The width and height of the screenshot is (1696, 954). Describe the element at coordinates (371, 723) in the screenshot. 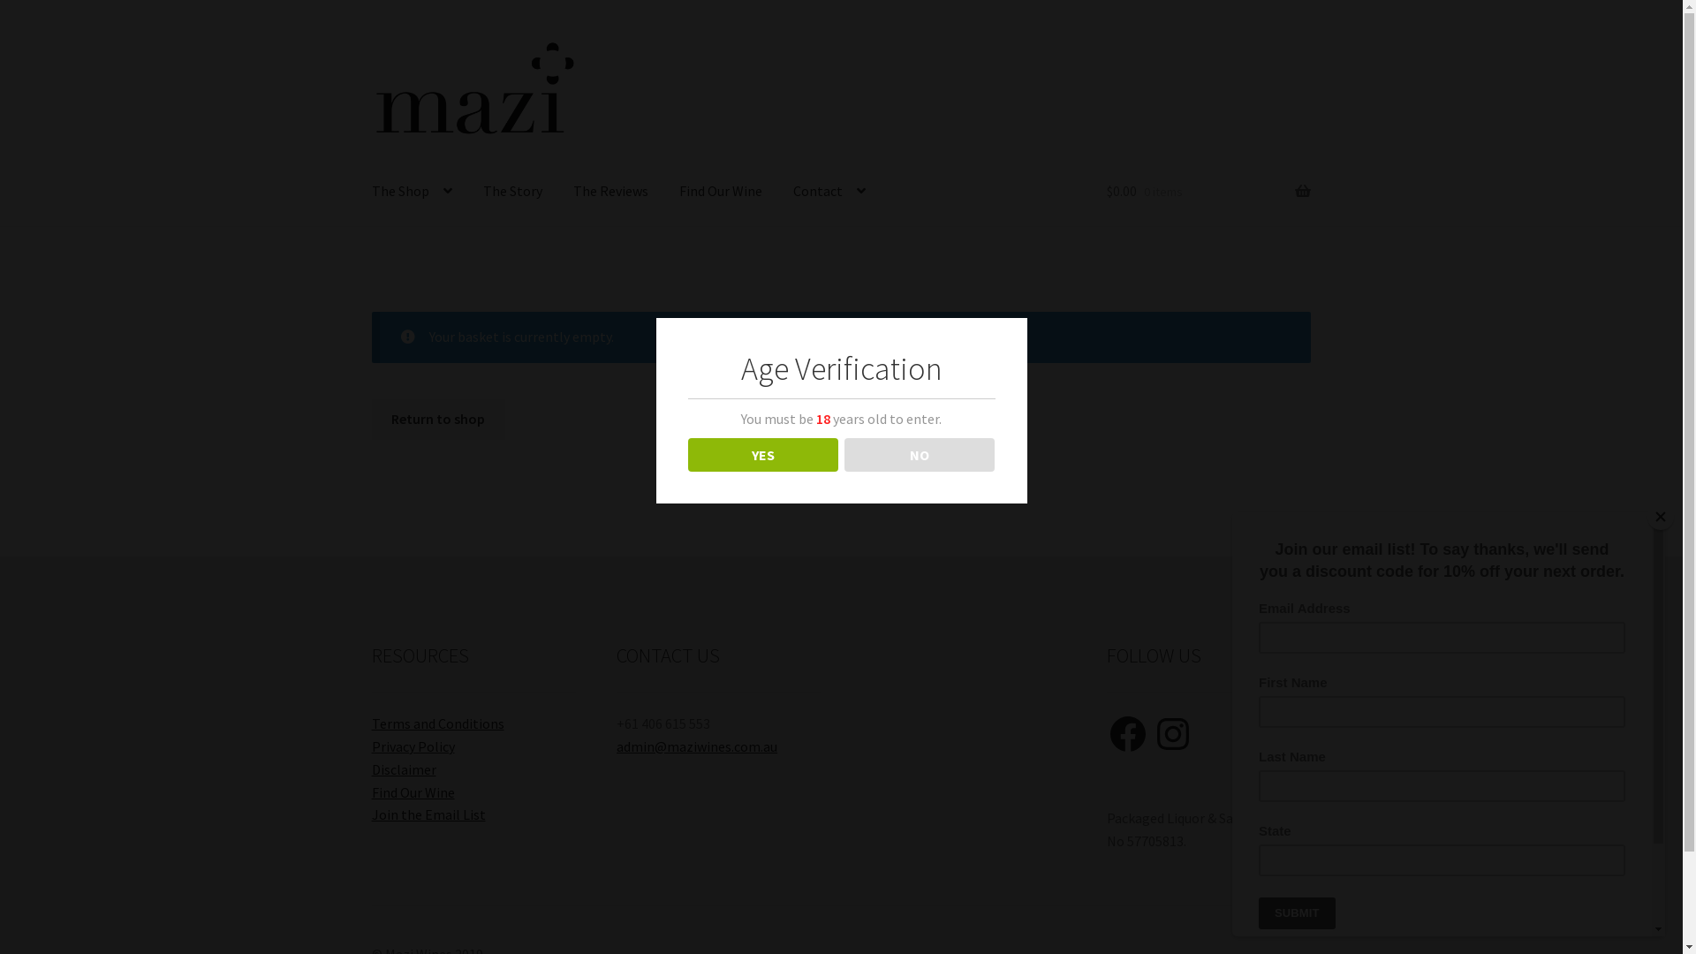

I see `'Terms and Conditions'` at that location.